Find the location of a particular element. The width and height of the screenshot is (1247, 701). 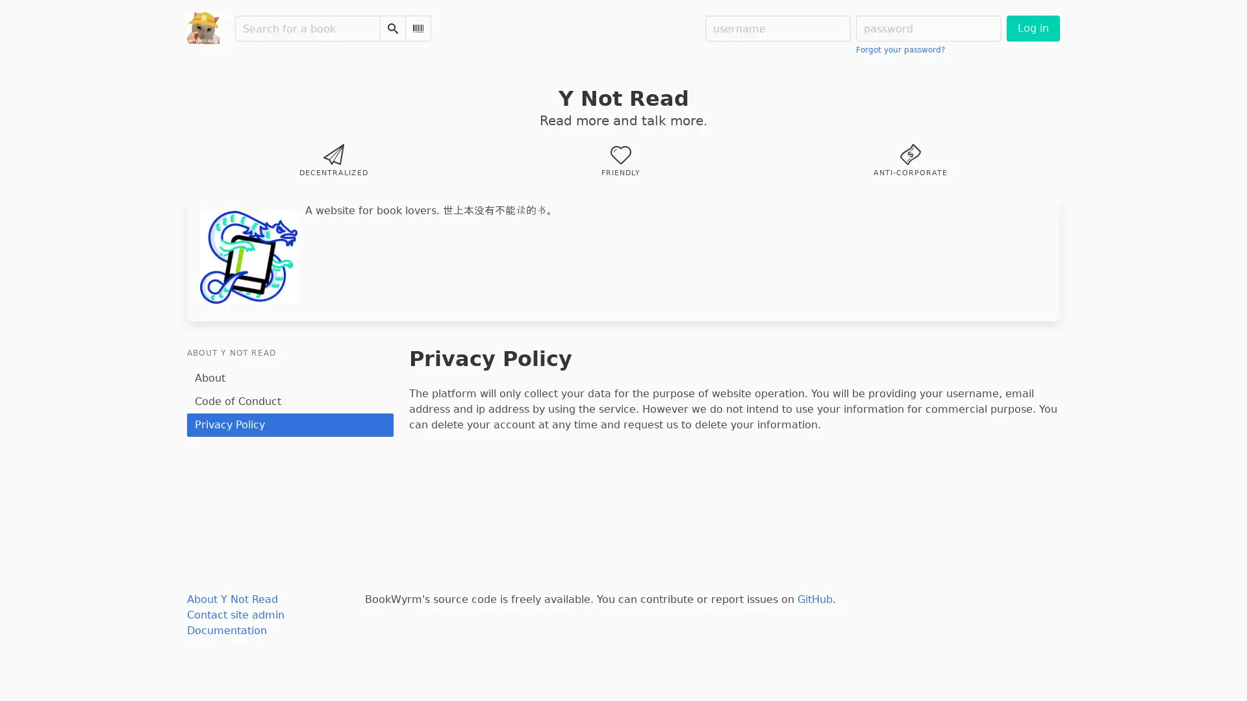

Log in is located at coordinates (1032, 28).